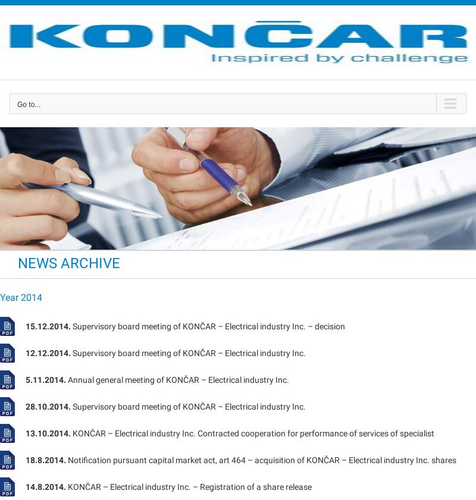 The image size is (476, 500). What do you see at coordinates (46, 486) in the screenshot?
I see `'14.8.2014.'` at bounding box center [46, 486].